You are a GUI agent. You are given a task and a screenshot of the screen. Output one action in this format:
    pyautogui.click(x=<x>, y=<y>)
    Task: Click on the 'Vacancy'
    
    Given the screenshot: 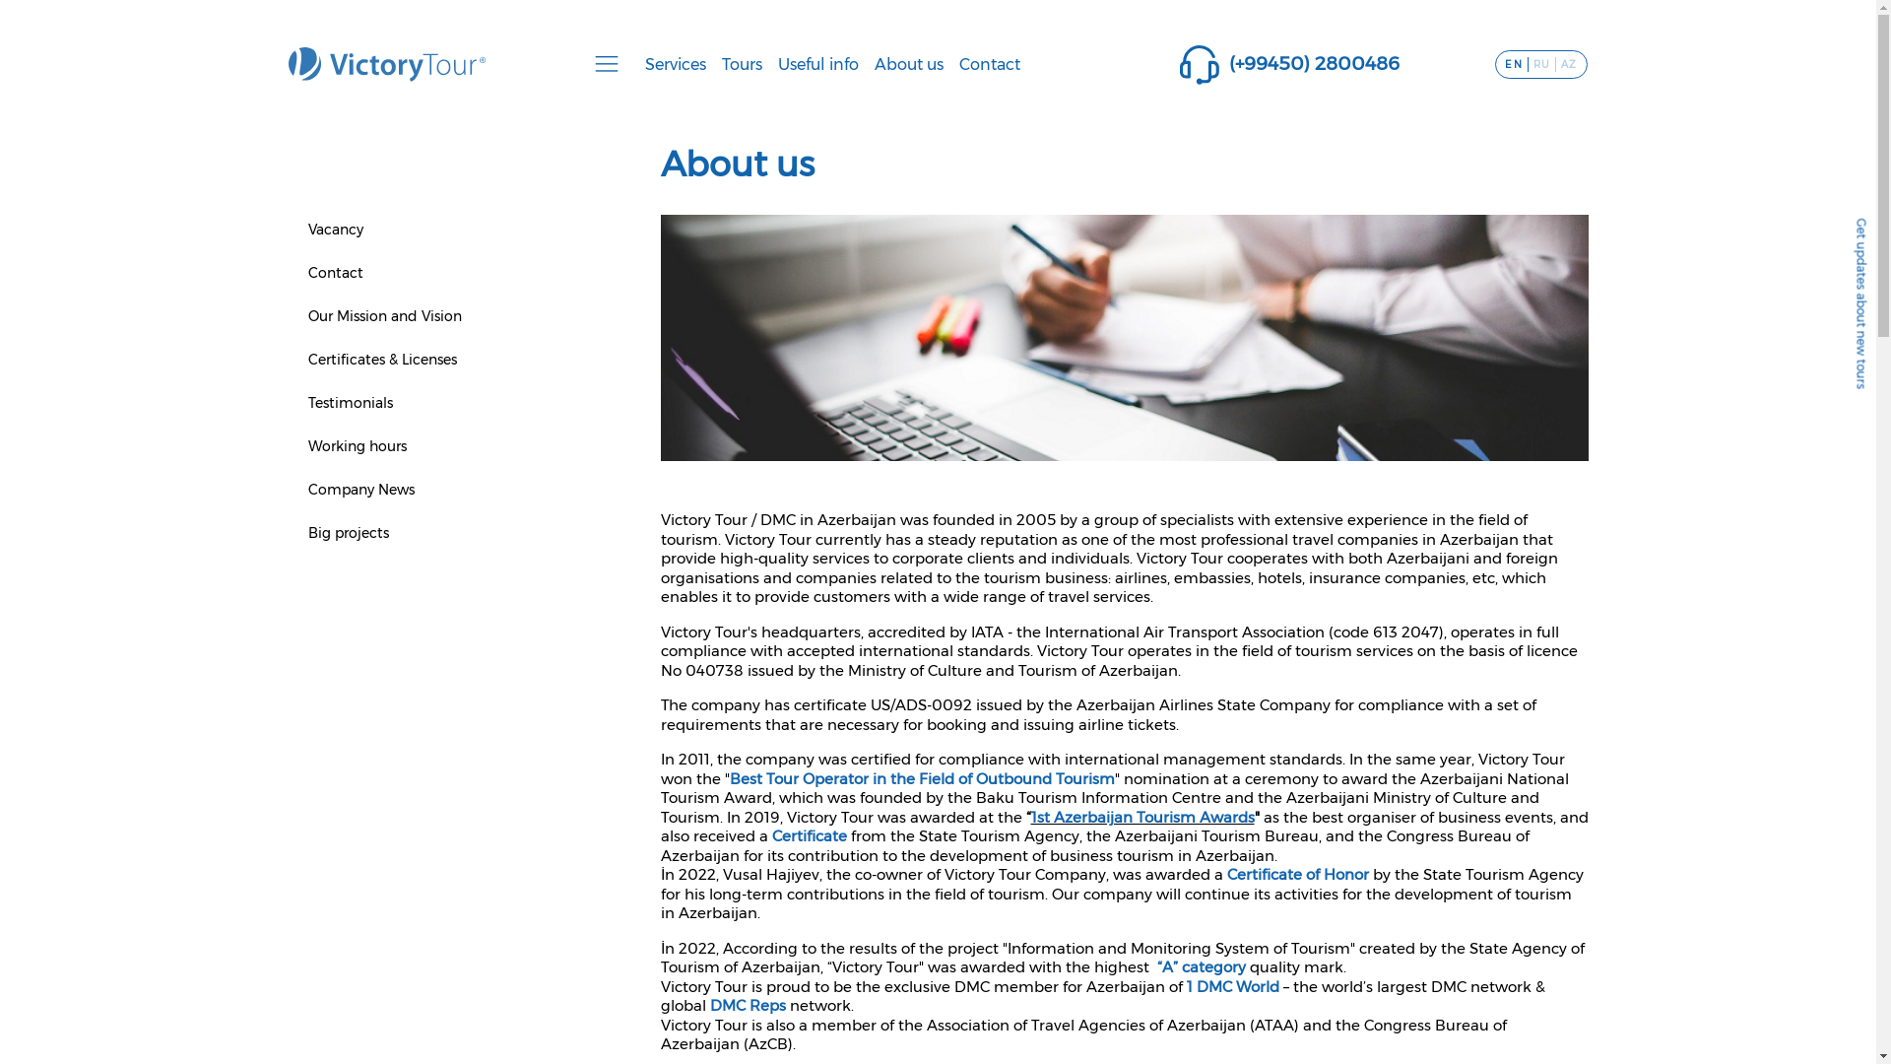 What is the action you would take?
    pyautogui.click(x=335, y=228)
    